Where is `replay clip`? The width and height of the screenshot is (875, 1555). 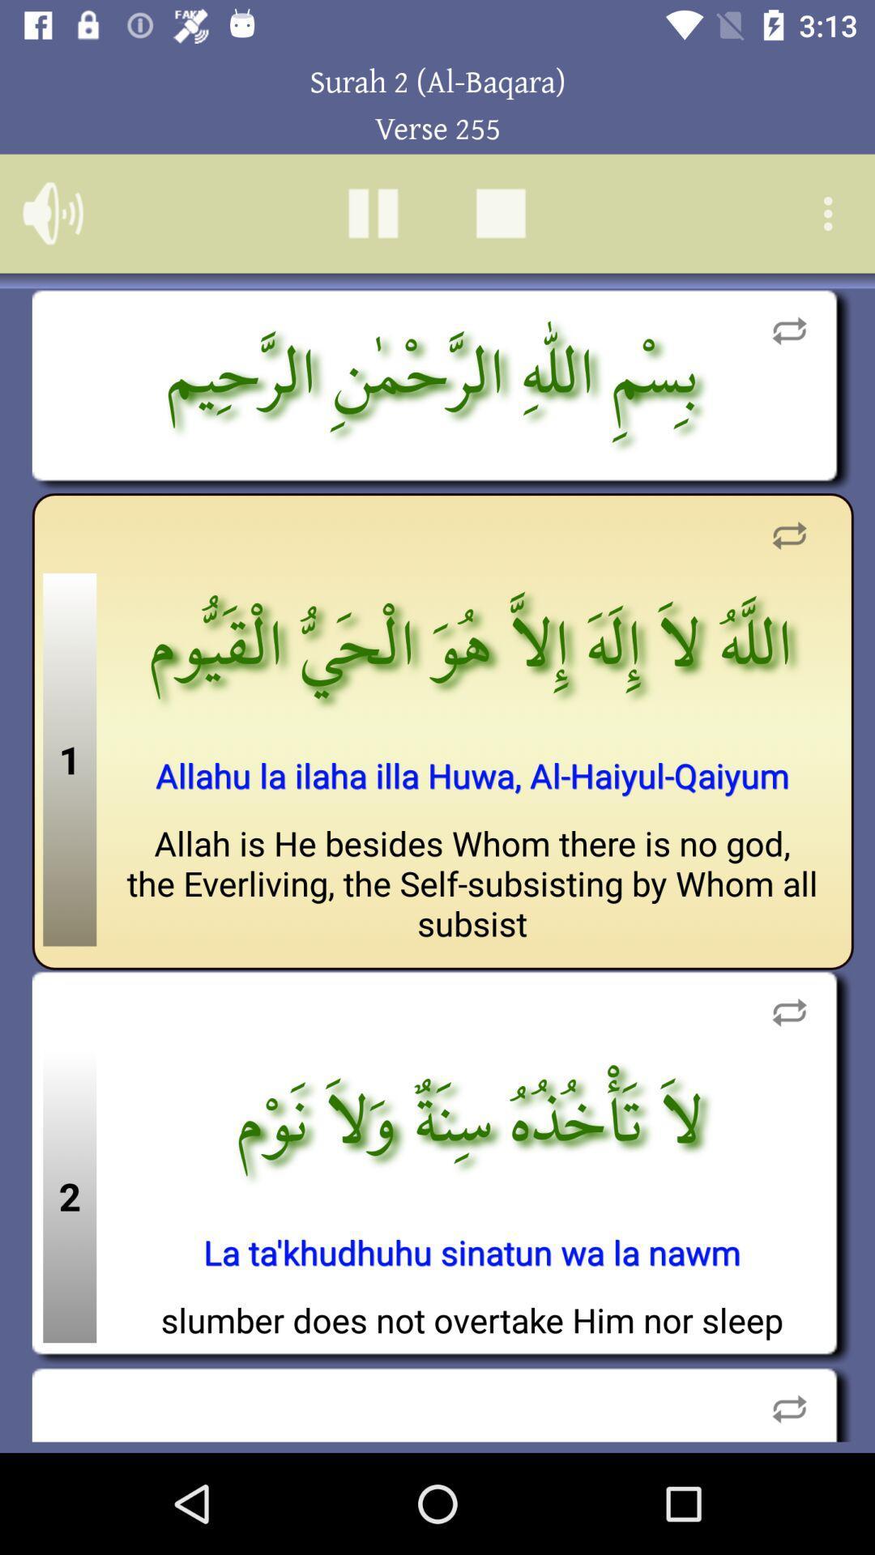 replay clip is located at coordinates (788, 330).